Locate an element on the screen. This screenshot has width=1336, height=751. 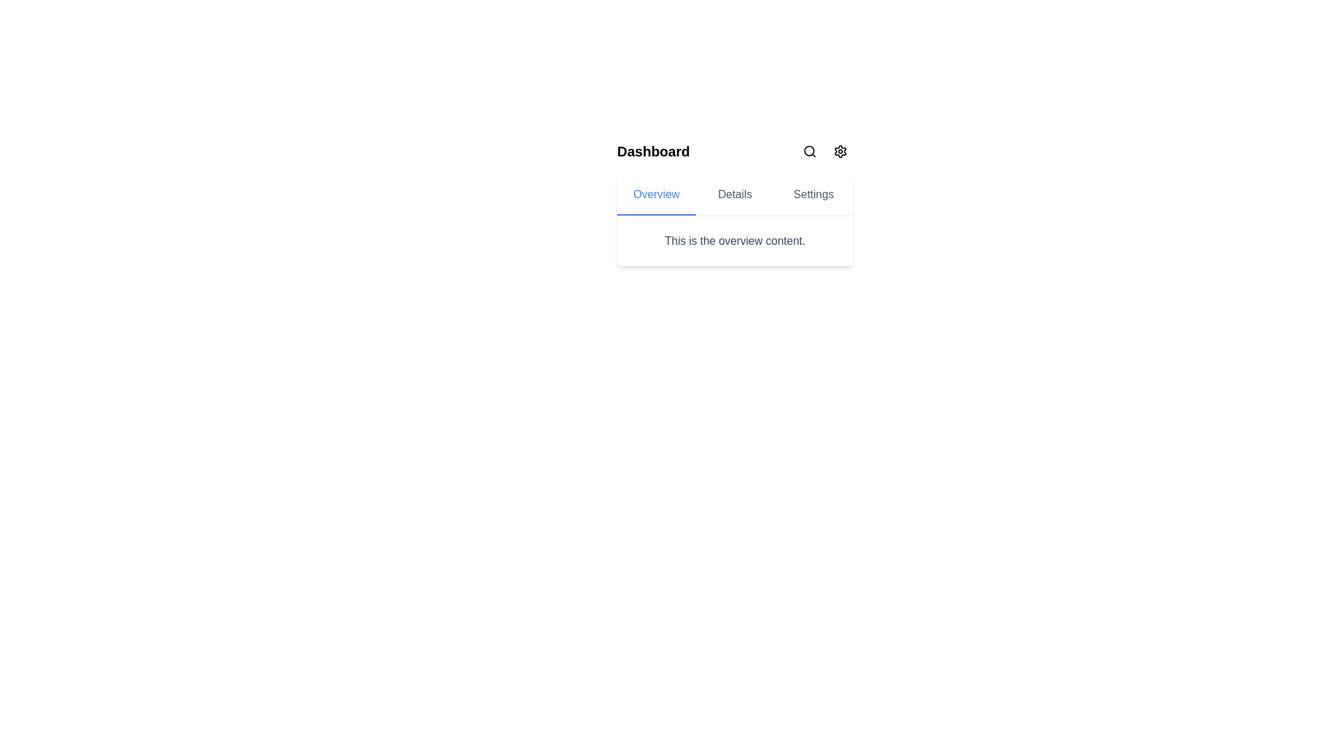
the 'Details' navigation tab, which is the second tab in a row of three tabs, located near the top-center of the interface is located at coordinates (734, 195).